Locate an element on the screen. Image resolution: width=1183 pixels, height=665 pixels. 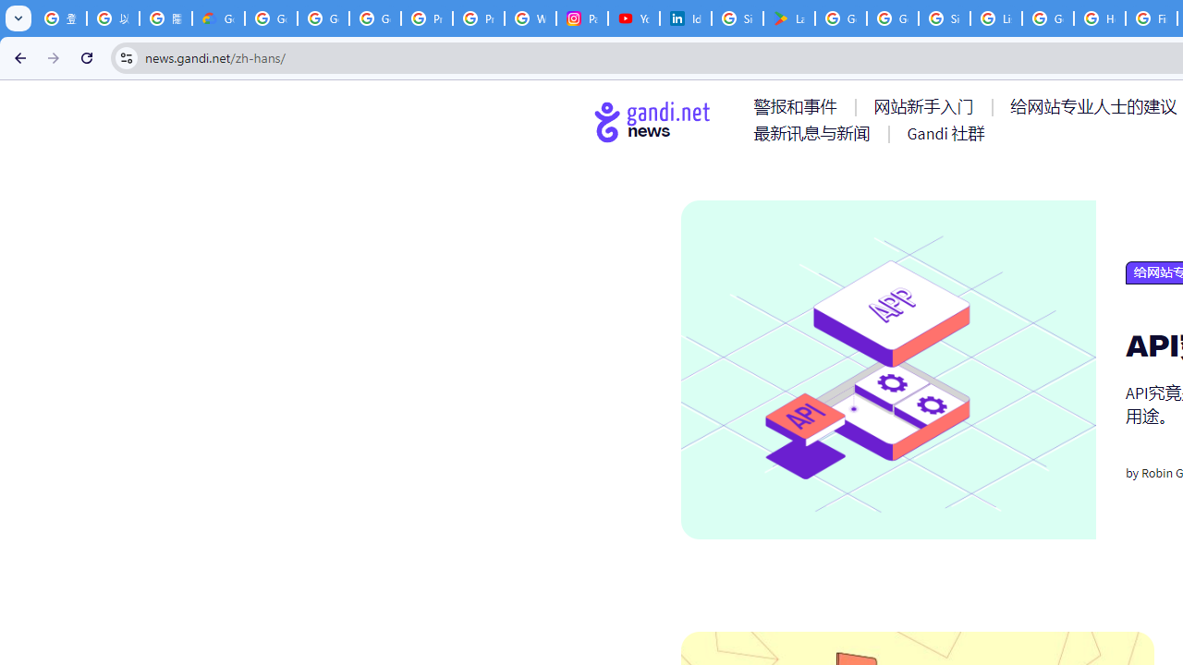
'Google Workspace - Specific Terms' is located at coordinates (893, 18).